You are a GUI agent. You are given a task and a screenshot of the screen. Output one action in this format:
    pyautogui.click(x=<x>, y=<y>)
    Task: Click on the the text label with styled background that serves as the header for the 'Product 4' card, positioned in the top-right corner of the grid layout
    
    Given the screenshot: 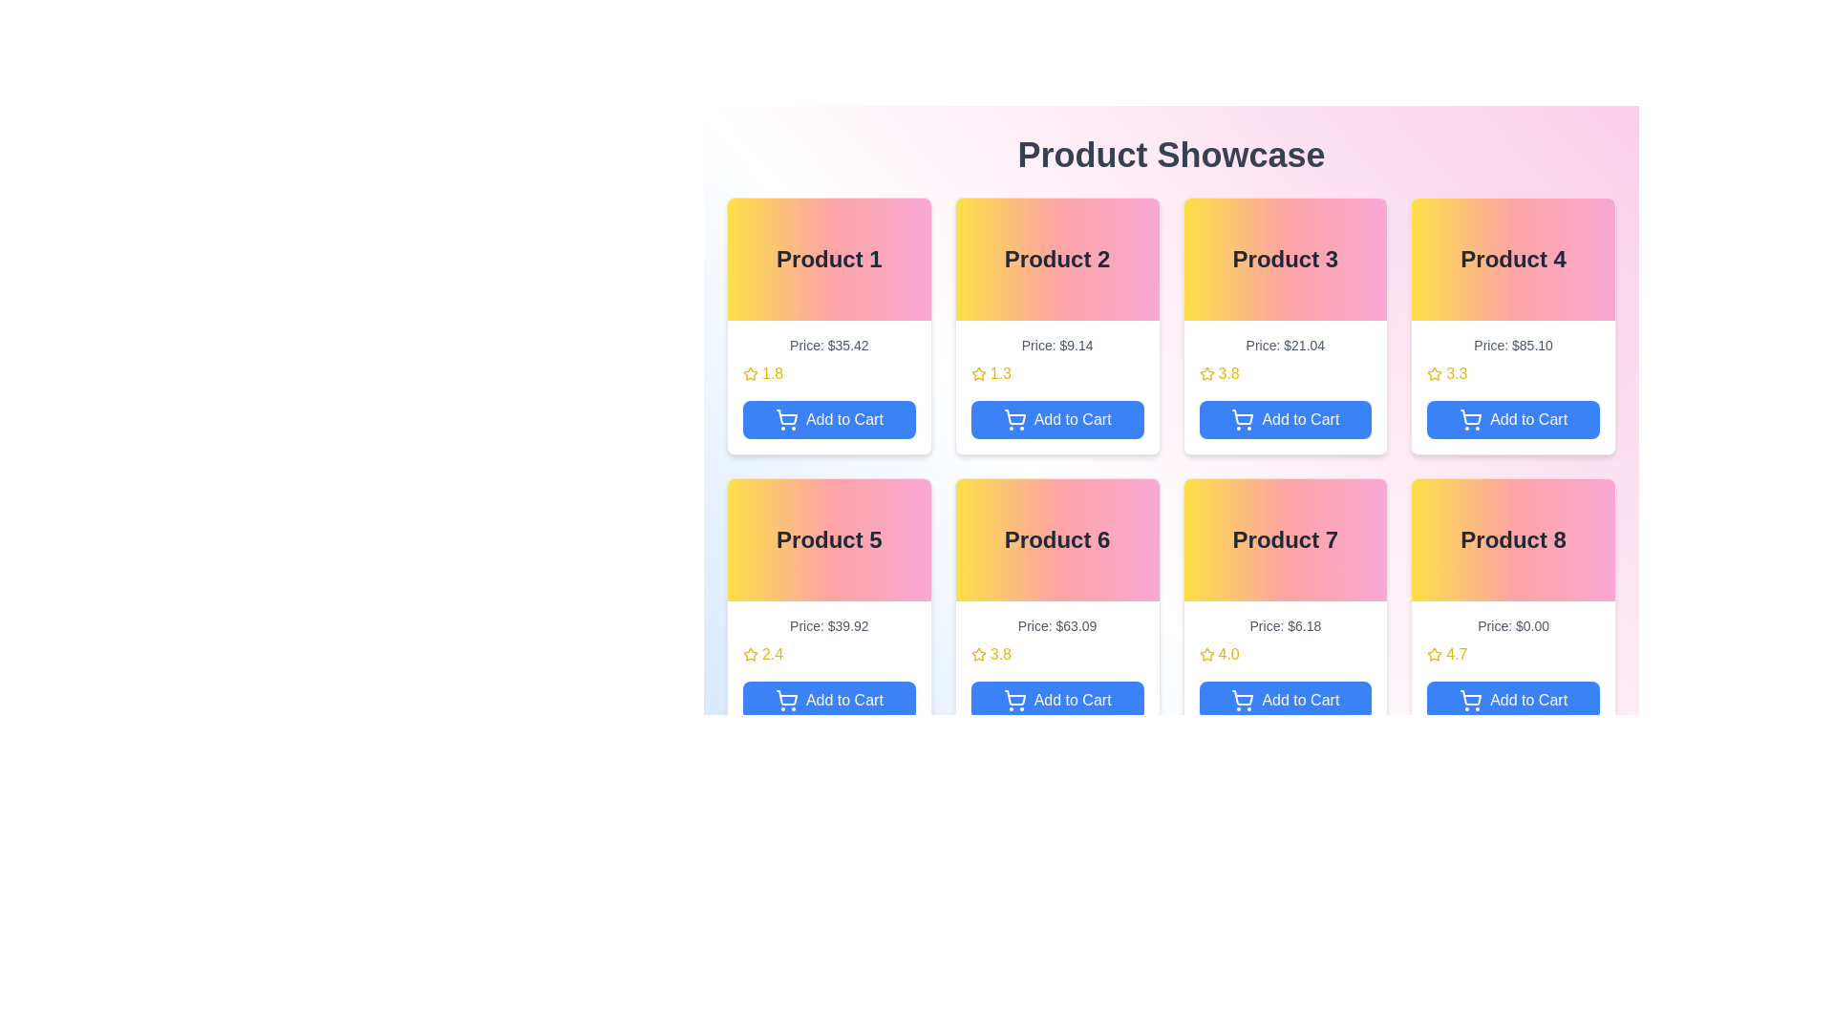 What is the action you would take?
    pyautogui.click(x=1512, y=260)
    